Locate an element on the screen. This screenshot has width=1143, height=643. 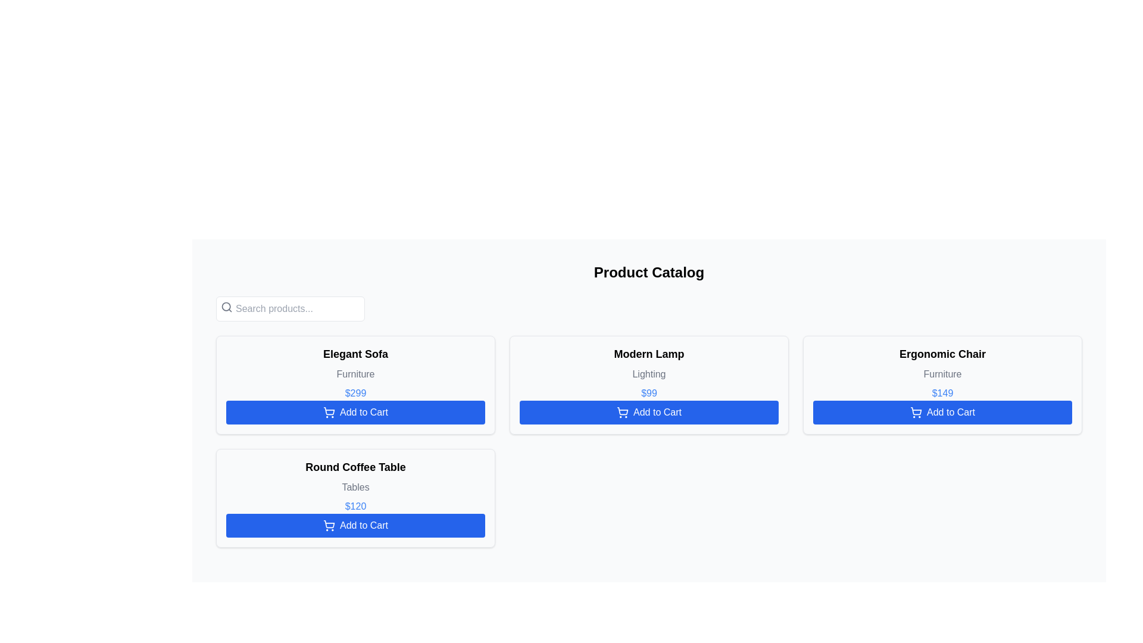
the text label displaying 'Furniture' in gray font located below the title 'Ergonomic Chair' within its card is located at coordinates (942, 373).